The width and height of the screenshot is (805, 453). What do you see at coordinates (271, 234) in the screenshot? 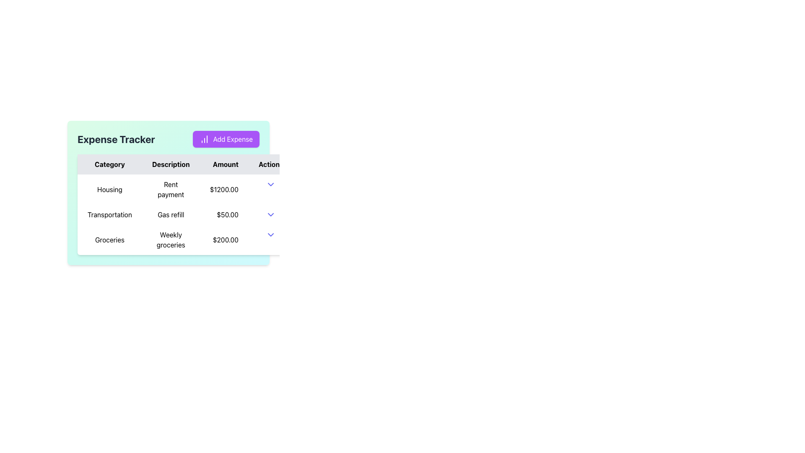
I see `the icon-based button with a caret symbol located on the far-right side of the 'Groceries' row` at bounding box center [271, 234].